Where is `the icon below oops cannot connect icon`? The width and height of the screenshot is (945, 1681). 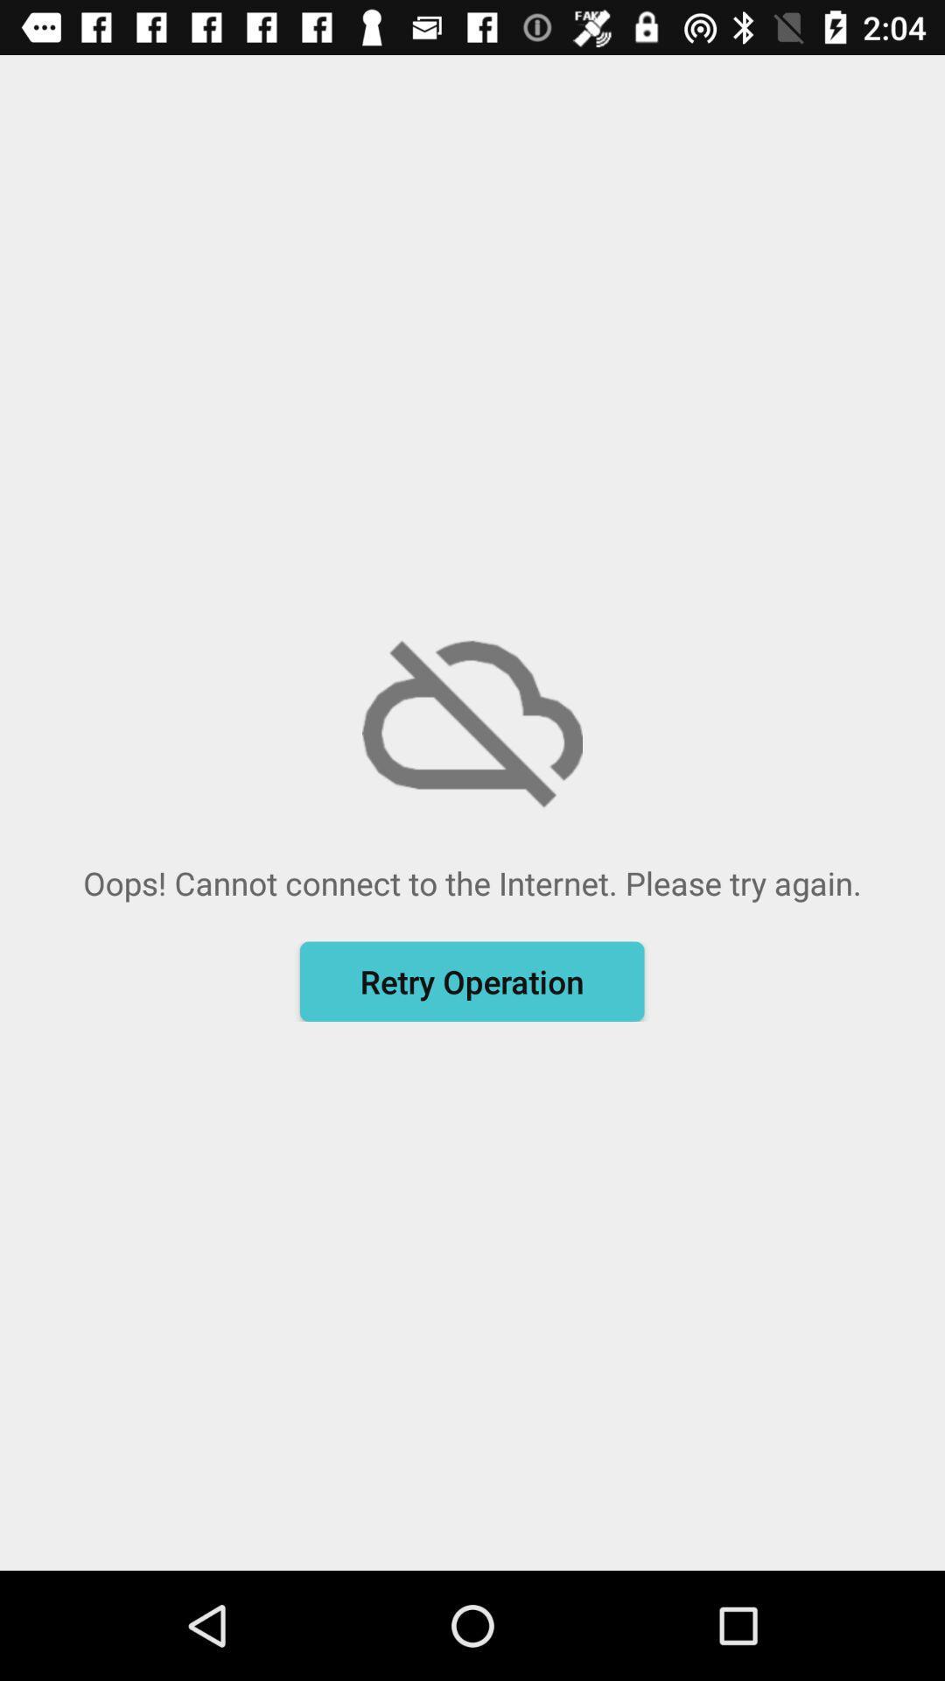 the icon below oops cannot connect icon is located at coordinates (471, 981).